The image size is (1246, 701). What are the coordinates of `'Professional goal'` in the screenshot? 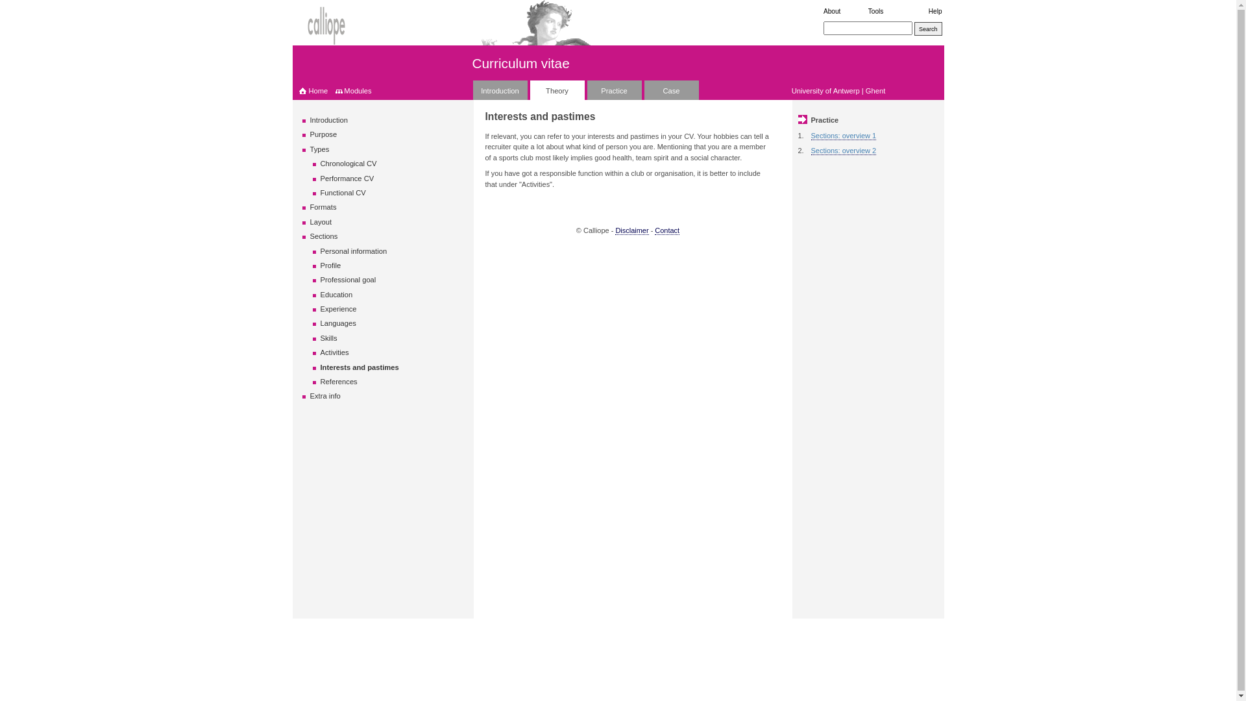 It's located at (321, 279).